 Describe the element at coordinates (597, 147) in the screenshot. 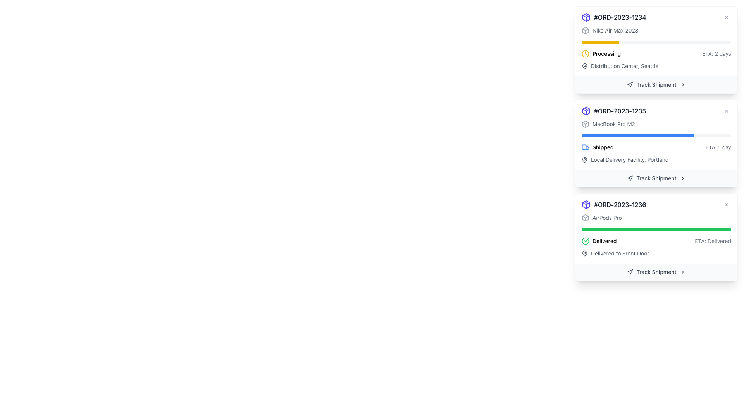

I see `the shipment status indicated by the Status Indicator with Icon and Text located in the second card below the progress bar and aligned to the left` at that location.